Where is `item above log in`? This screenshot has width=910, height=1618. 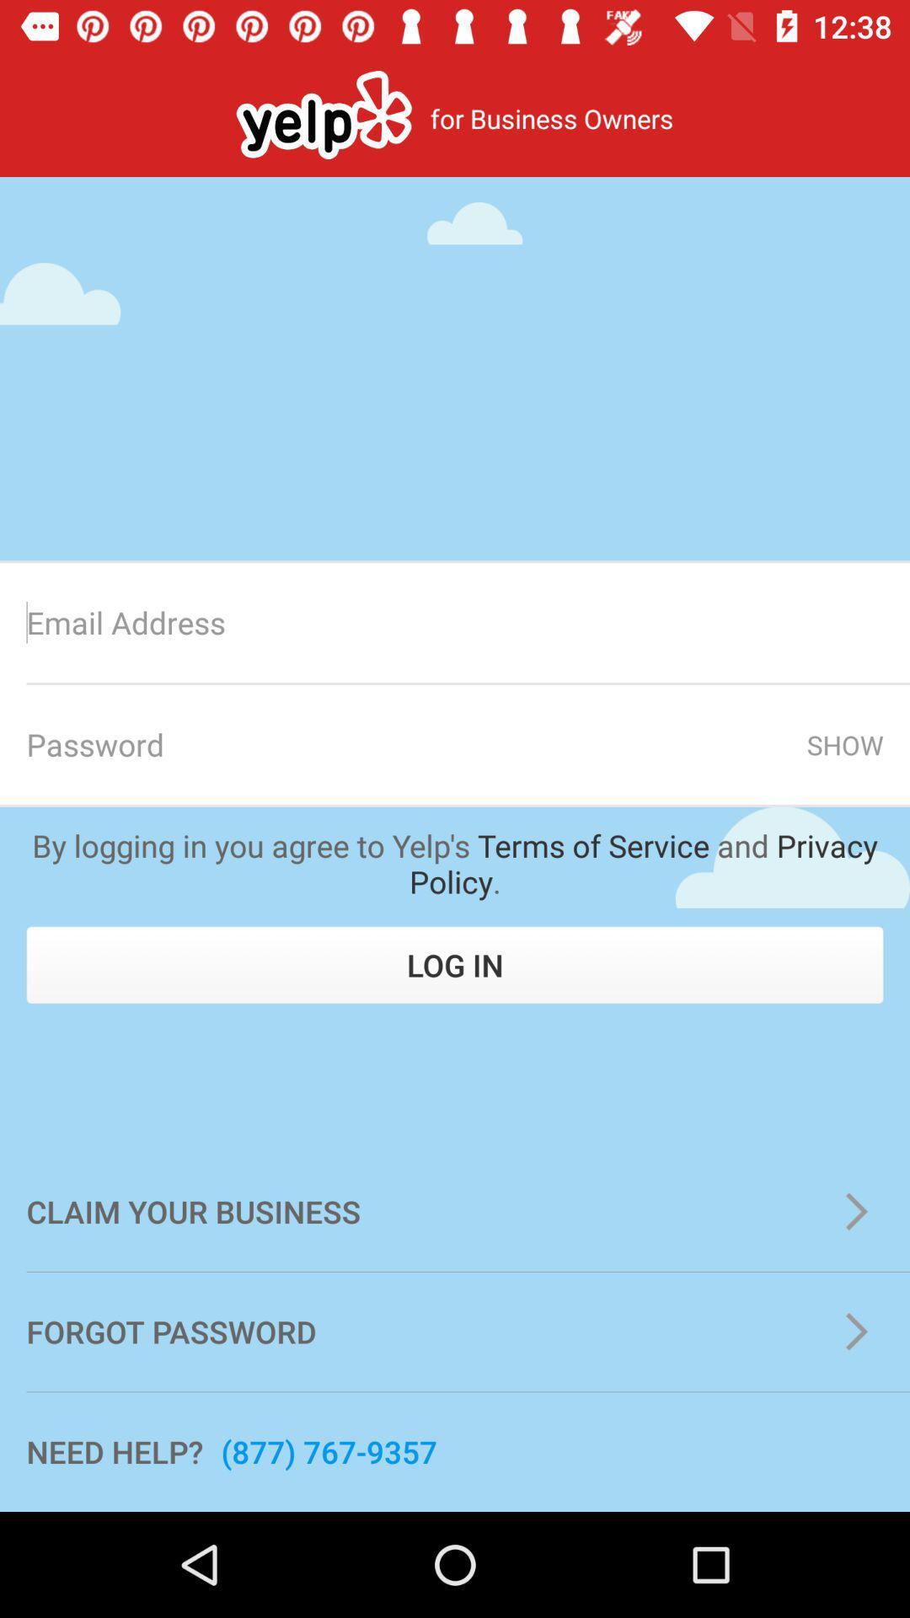
item above log in is located at coordinates (455, 863).